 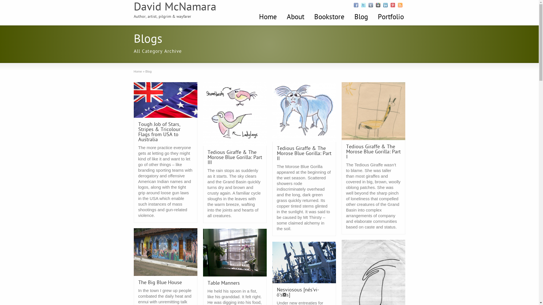 I want to click on 'Permanent Link to Table Manners', so click(x=235, y=252).